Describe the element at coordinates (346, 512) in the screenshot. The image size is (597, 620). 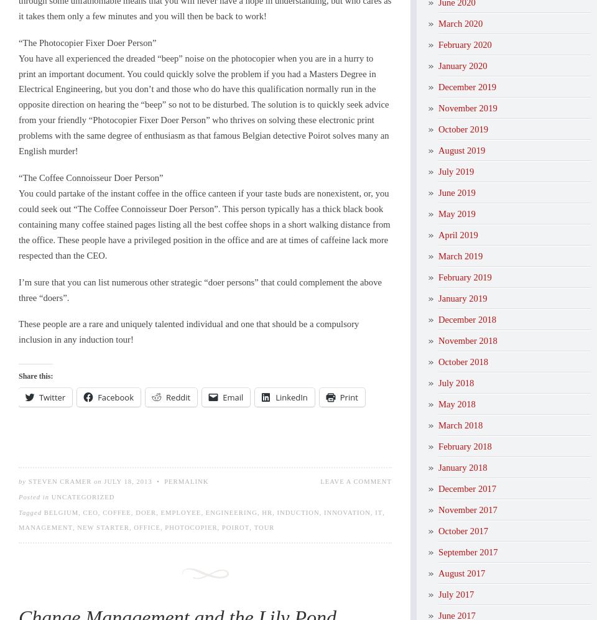
I see `'innovation'` at that location.